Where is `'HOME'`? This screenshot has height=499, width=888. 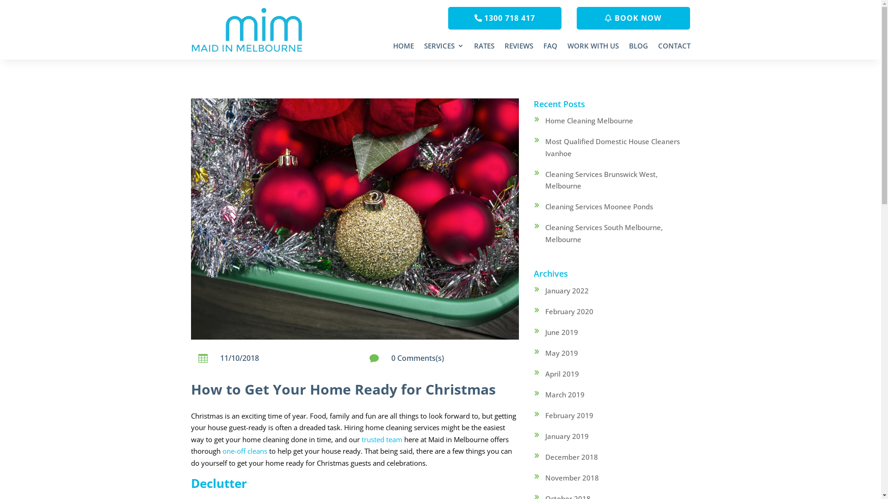
'HOME' is located at coordinates (393, 48).